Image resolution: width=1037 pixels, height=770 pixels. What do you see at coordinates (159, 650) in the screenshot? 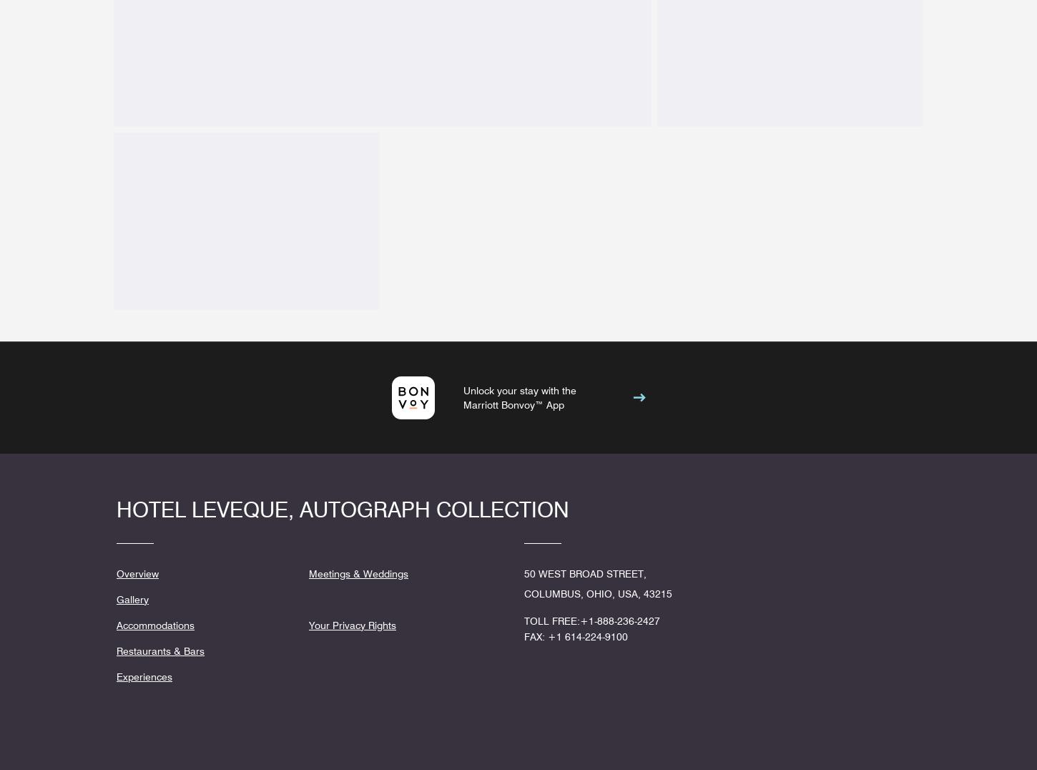
I see `'Restaurants & Bars'` at bounding box center [159, 650].